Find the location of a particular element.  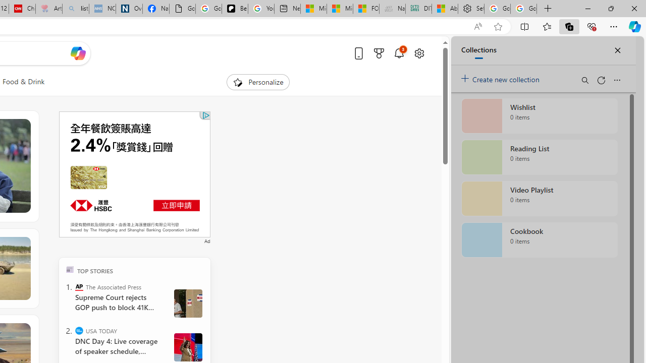

'Arthritis: Ask Health Professionals - Sleeping' is located at coordinates (48, 9).